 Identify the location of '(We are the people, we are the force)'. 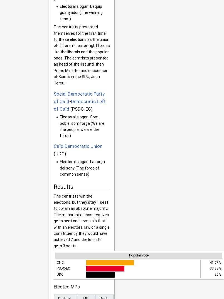
(60, 129).